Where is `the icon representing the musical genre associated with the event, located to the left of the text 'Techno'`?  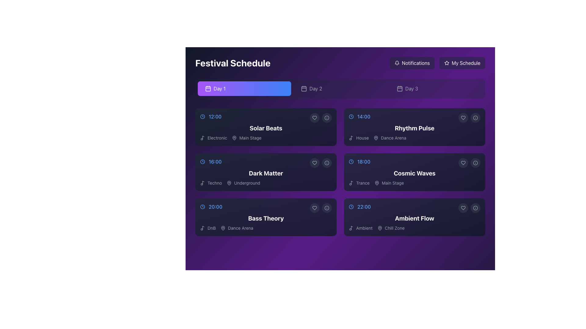 the icon representing the musical genre associated with the event, located to the left of the text 'Techno' is located at coordinates (202, 183).